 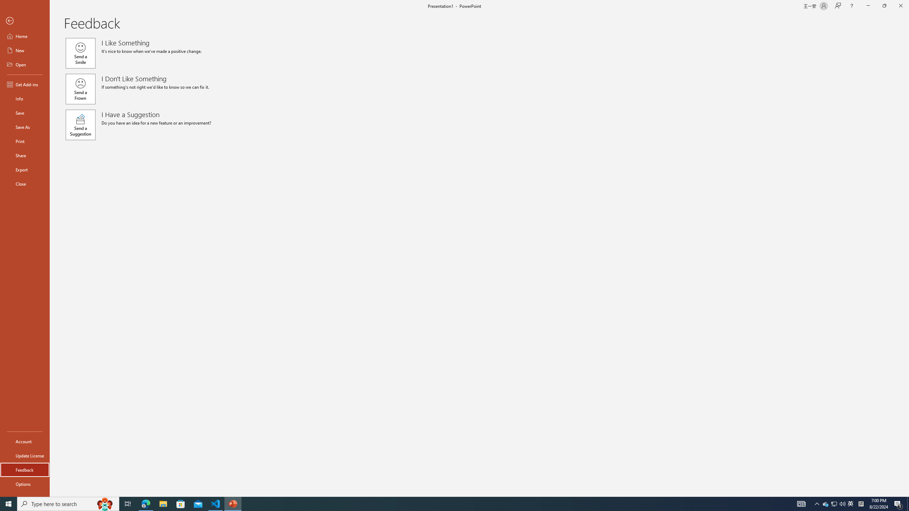 What do you see at coordinates (25, 441) in the screenshot?
I see `'Account'` at bounding box center [25, 441].